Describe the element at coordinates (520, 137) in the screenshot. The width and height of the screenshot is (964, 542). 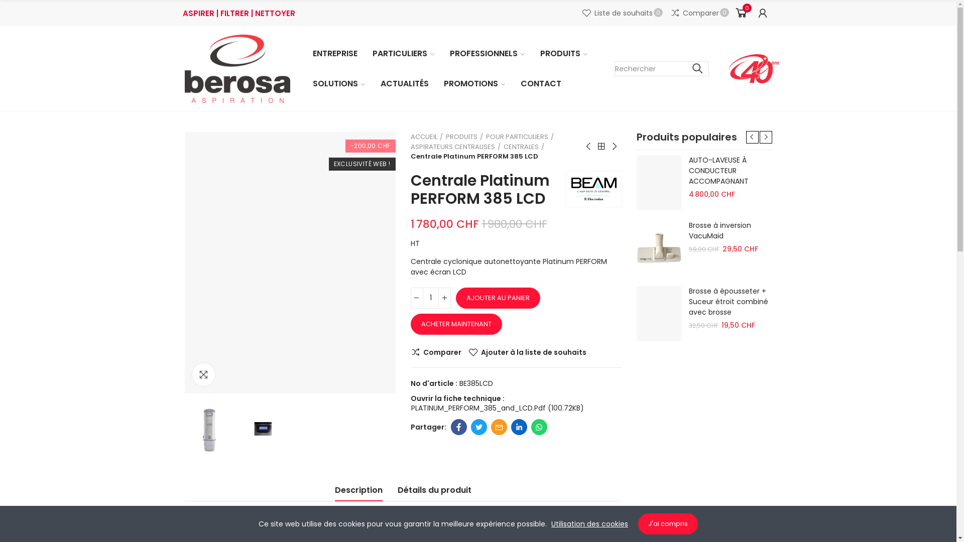
I see `'POUR PARTICULIERS'` at that location.